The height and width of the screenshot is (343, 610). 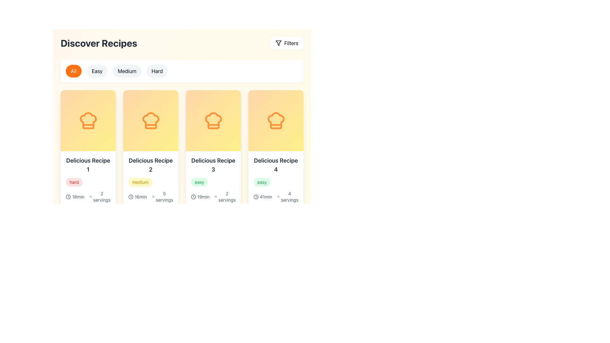 I want to click on the informational display element containing cooking time, serving count, and calorie count icons for the recipe titled 'Delicious Recipe 4', so click(x=276, y=205).